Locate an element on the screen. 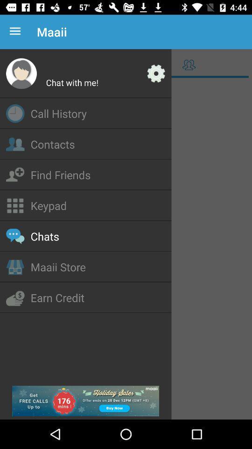  settings is located at coordinates (156, 73).